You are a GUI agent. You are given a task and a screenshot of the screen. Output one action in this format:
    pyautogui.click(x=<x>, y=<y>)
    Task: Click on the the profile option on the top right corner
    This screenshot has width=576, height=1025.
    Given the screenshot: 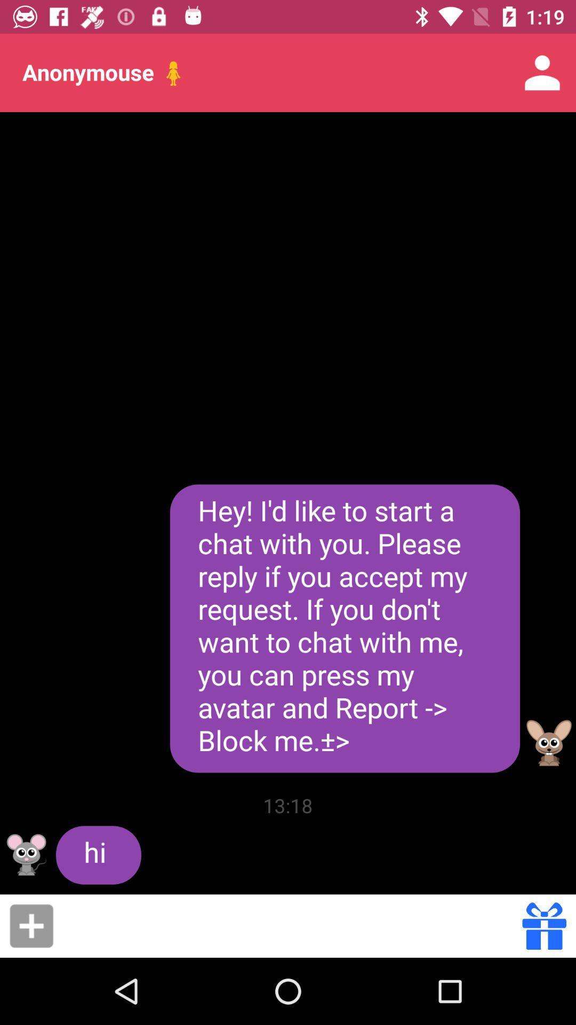 What is the action you would take?
    pyautogui.click(x=542, y=73)
    